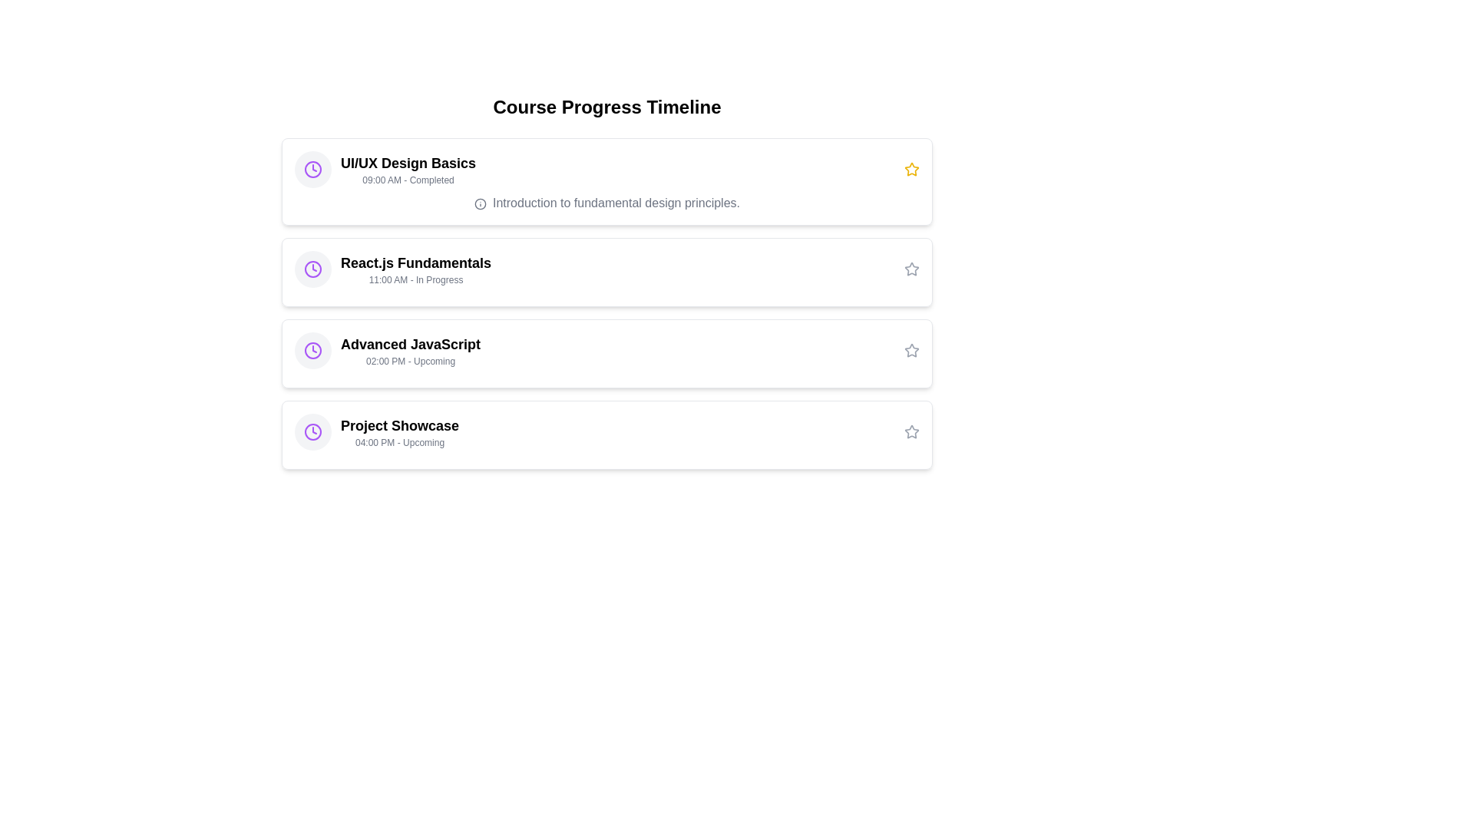 Image resolution: width=1474 pixels, height=829 pixels. I want to click on the informational text label indicating the time and status ('Upcoming') of the associated course module, located directly beneath the title 'Advanced JavaScript', so click(411, 361).